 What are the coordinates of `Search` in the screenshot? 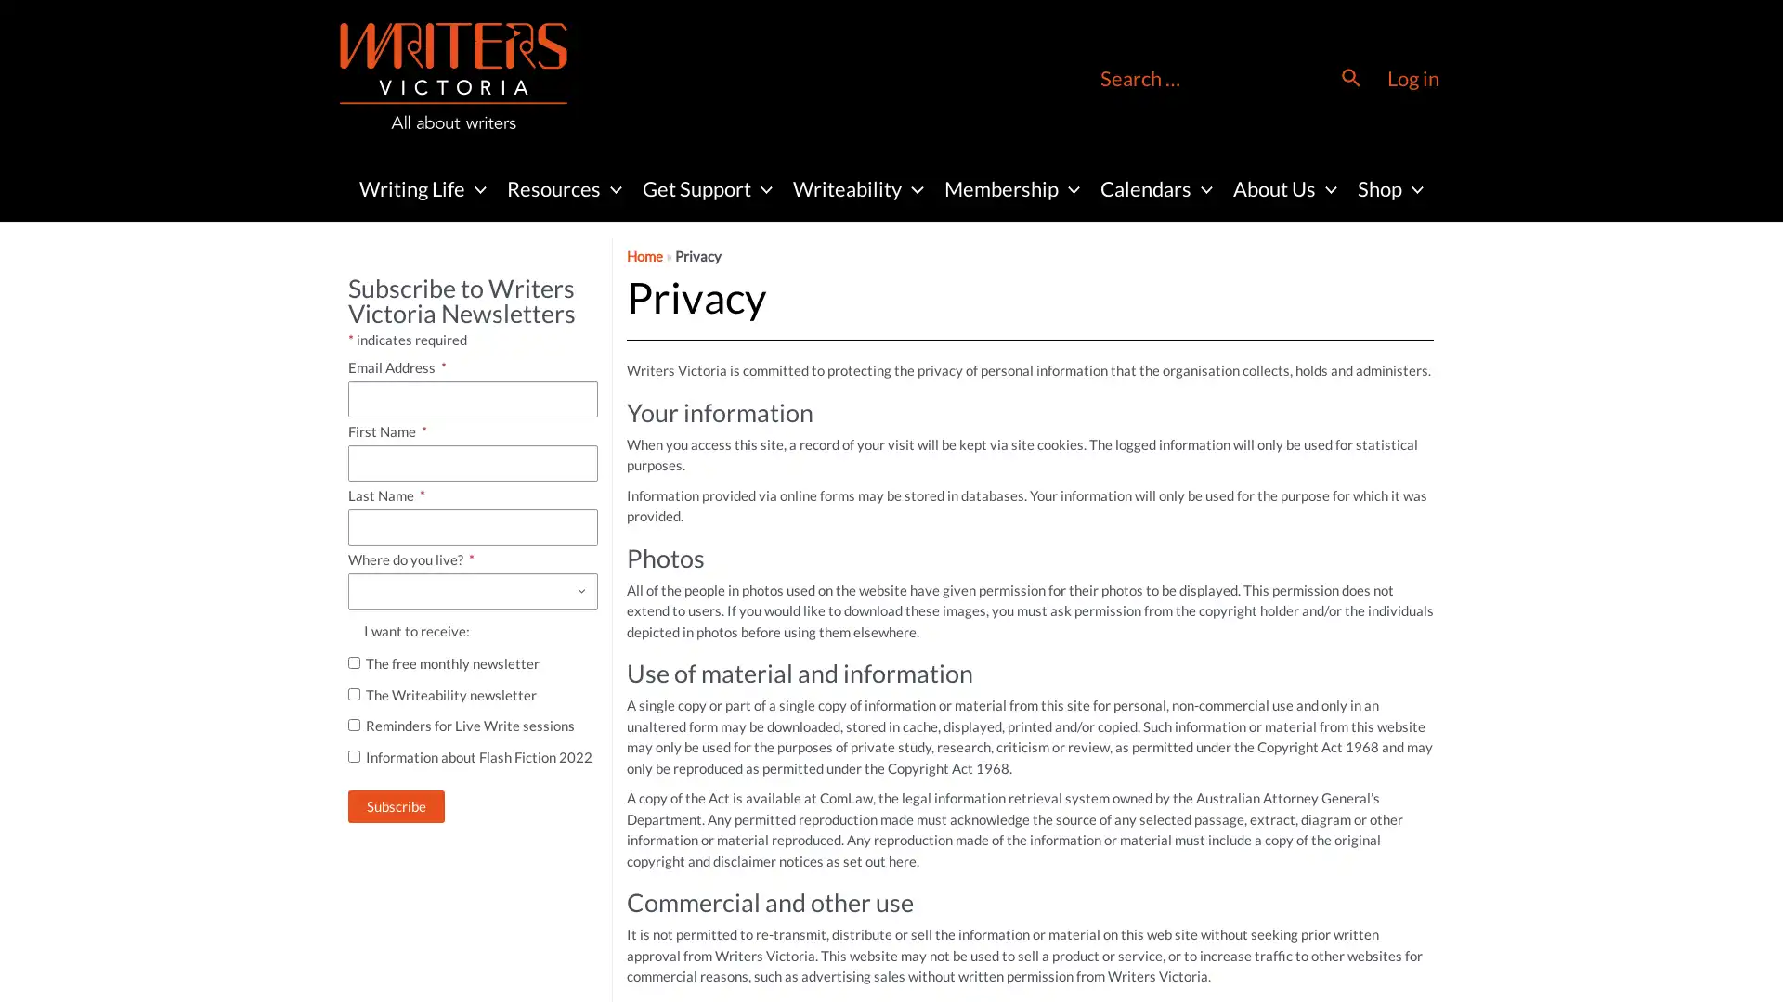 It's located at (1351, 77).